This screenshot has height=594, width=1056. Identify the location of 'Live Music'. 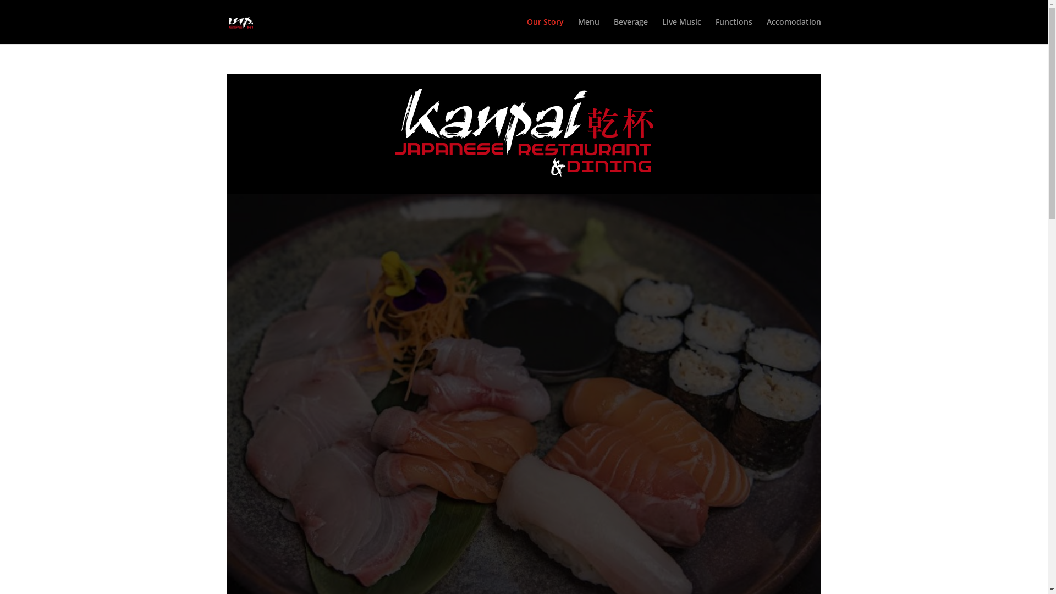
(681, 30).